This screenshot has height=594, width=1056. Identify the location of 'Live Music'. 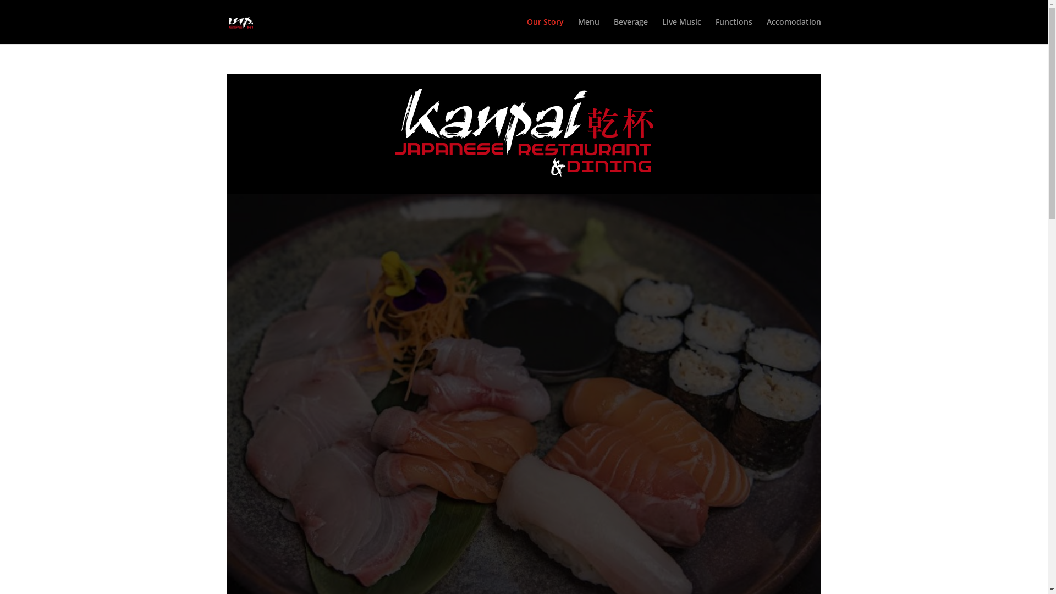
(681, 30).